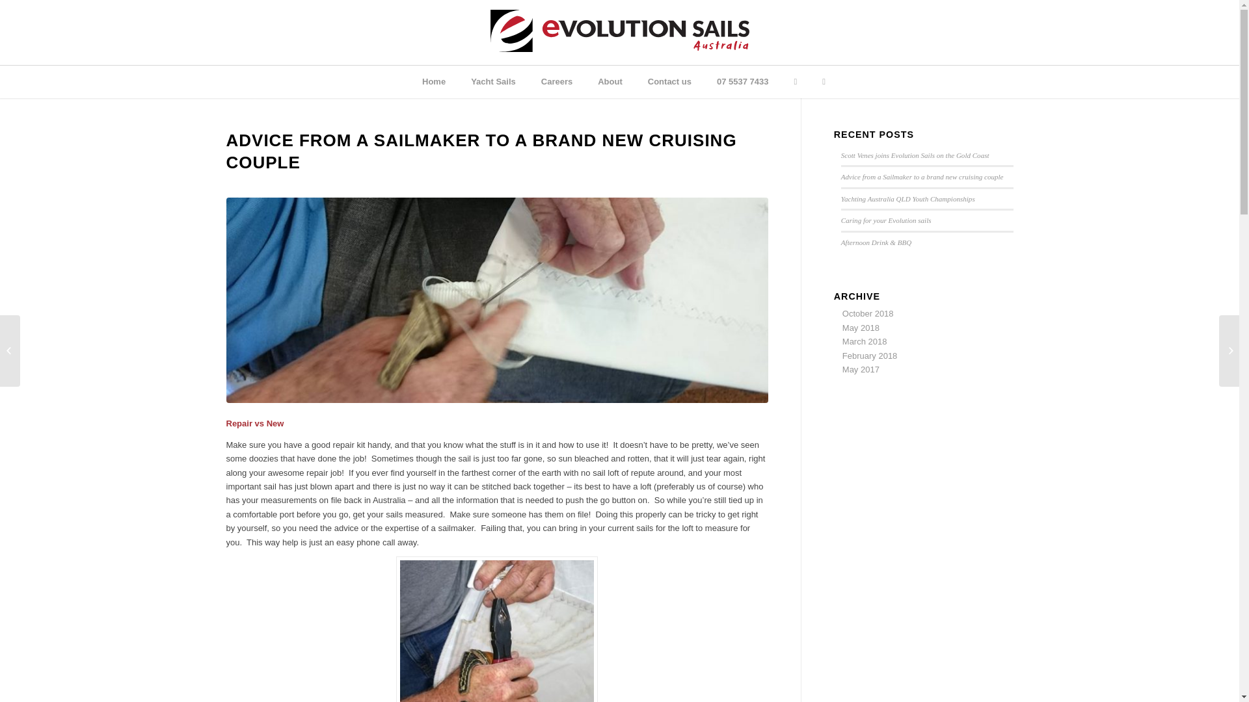  I want to click on 'Caring for your Evolution sails', so click(840, 220).